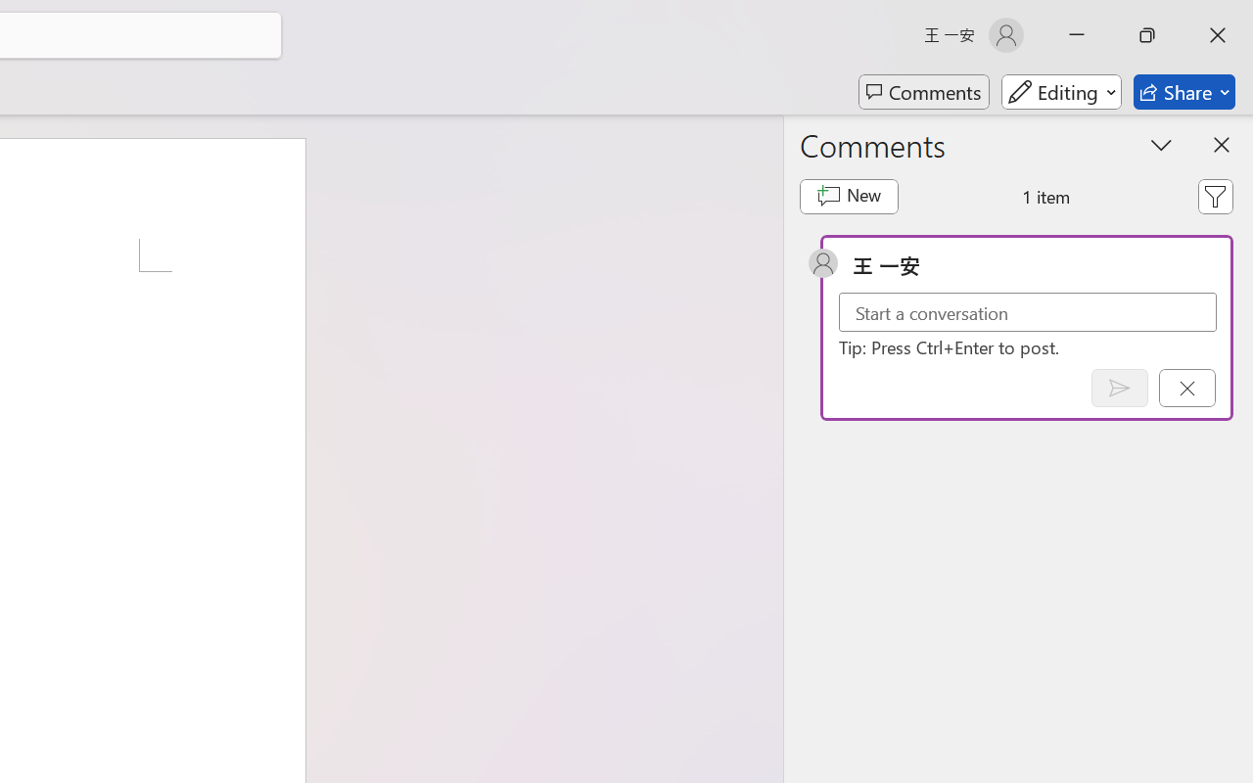 The width and height of the screenshot is (1253, 783). I want to click on 'Post comment (Ctrl + Enter)', so click(1119, 387).